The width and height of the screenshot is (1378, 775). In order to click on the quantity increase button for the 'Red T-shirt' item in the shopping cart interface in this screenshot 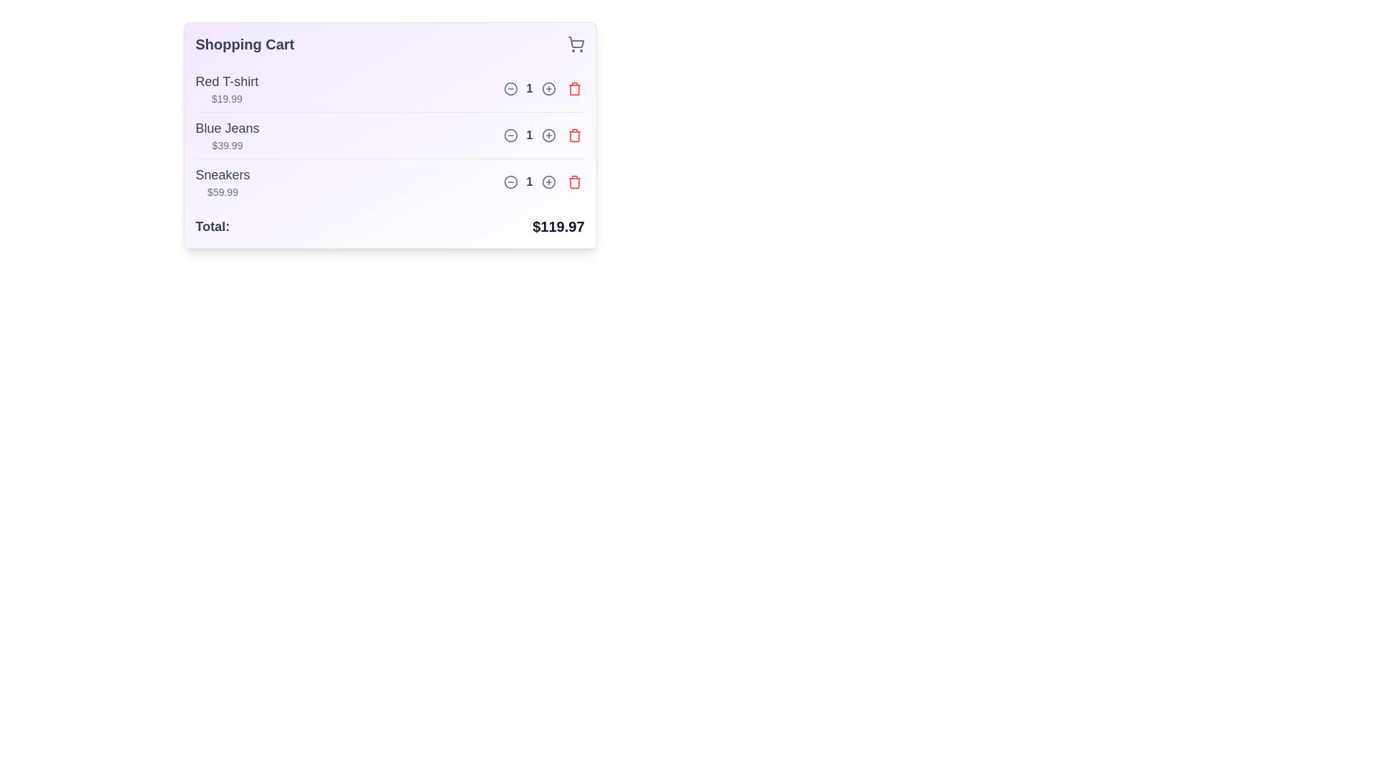, I will do `click(542, 88)`.